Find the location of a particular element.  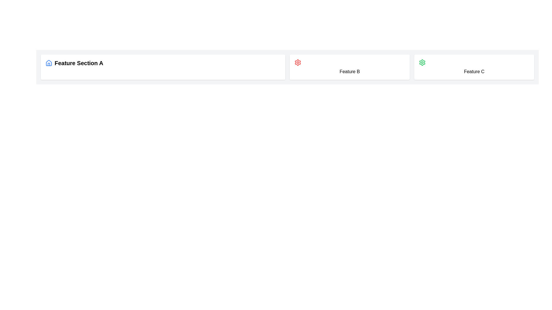

the settings icon associated with the 'Feature B' section, located in the upper-left corner of the 'Feature B' card is located at coordinates (298, 63).